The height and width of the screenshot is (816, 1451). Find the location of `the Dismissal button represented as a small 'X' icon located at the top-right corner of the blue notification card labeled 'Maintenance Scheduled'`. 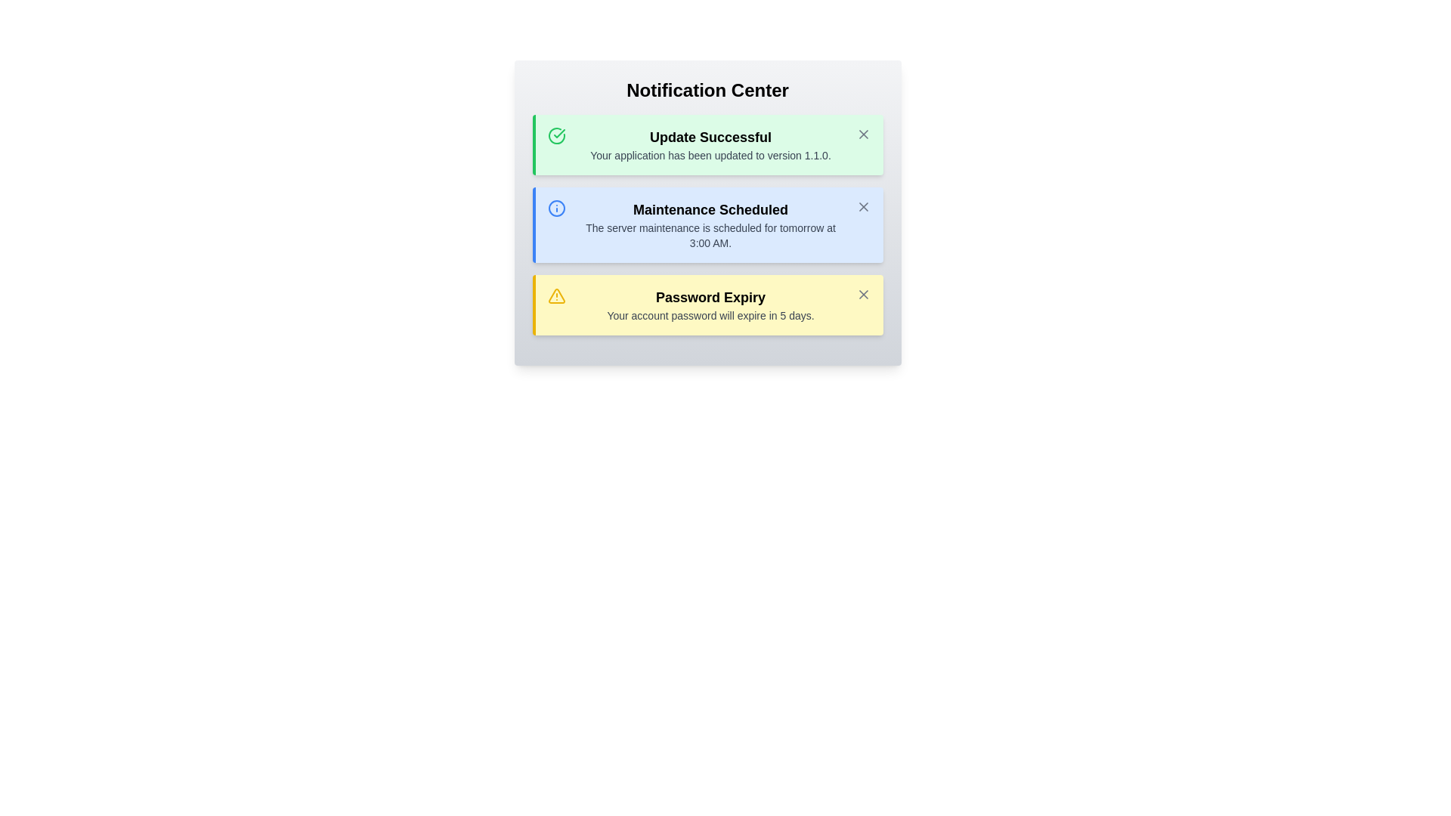

the Dismissal button represented as a small 'X' icon located at the top-right corner of the blue notification card labeled 'Maintenance Scheduled' is located at coordinates (863, 206).